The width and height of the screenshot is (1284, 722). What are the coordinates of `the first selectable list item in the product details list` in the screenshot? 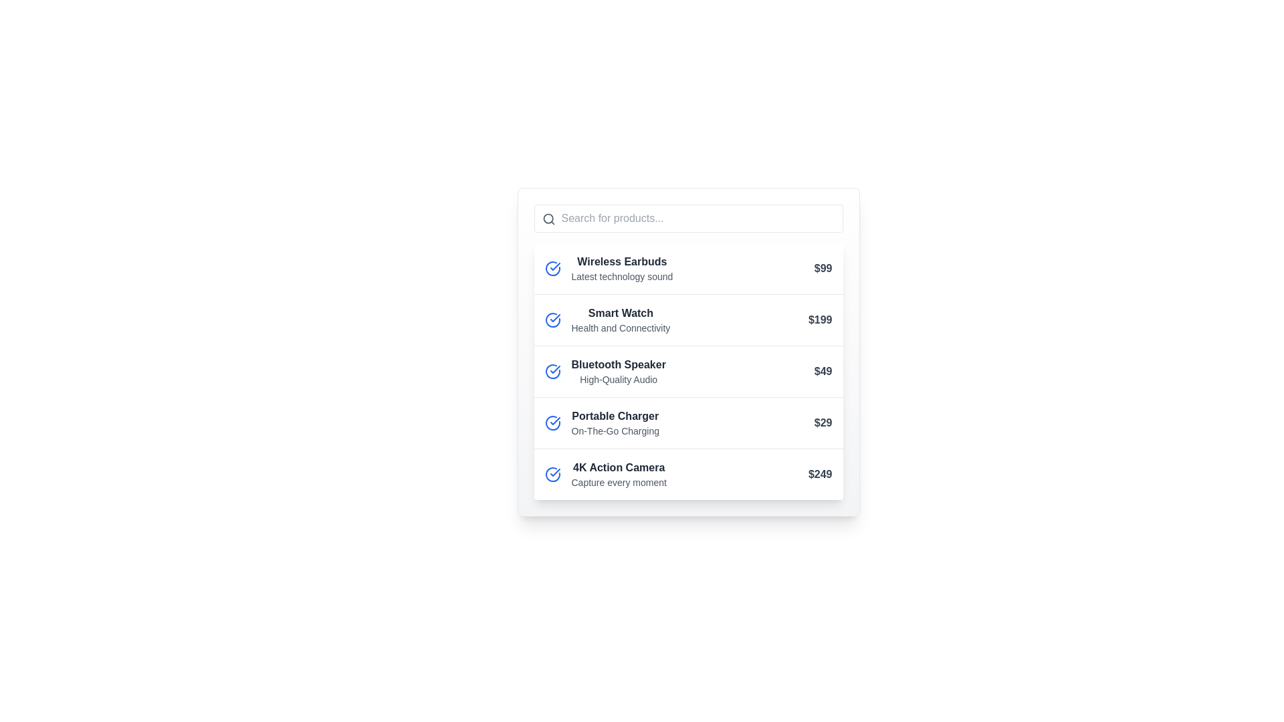 It's located at (688, 268).